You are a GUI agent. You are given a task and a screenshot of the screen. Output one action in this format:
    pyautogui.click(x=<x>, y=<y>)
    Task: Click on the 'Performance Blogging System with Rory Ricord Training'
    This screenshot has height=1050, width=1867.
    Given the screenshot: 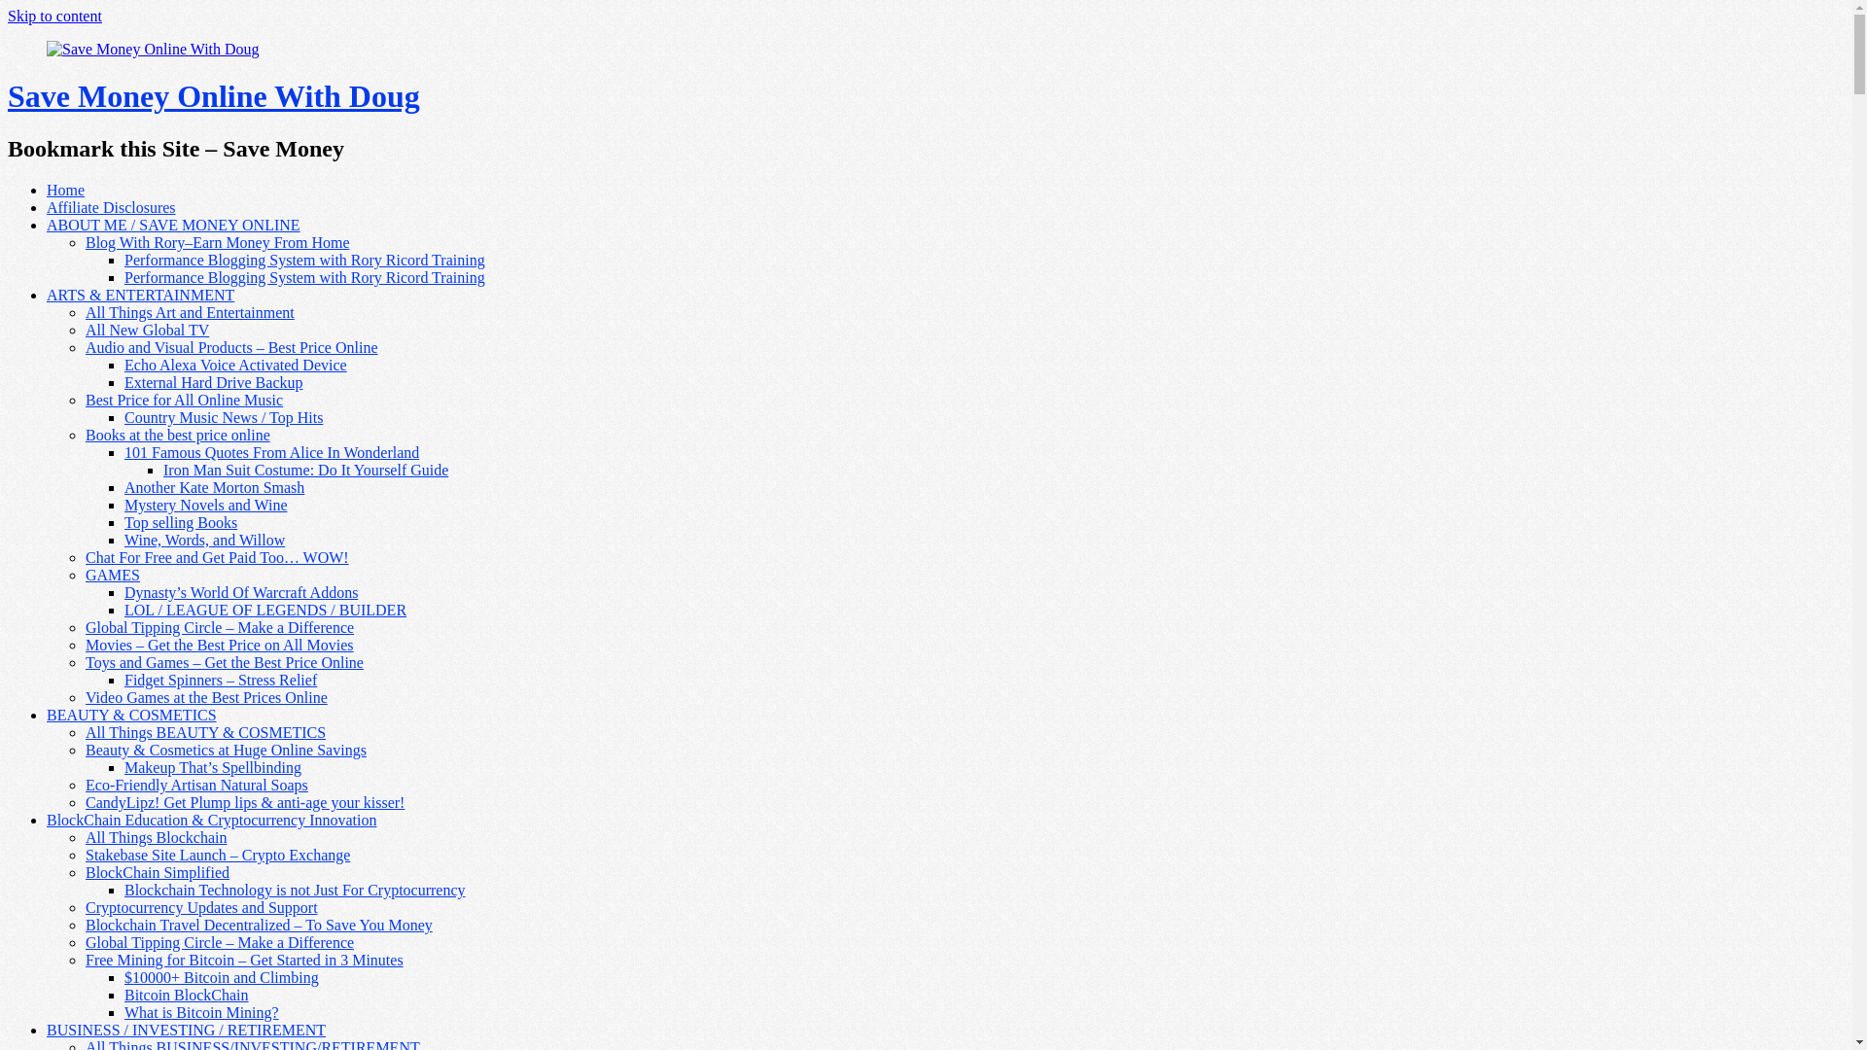 What is the action you would take?
    pyautogui.click(x=303, y=259)
    